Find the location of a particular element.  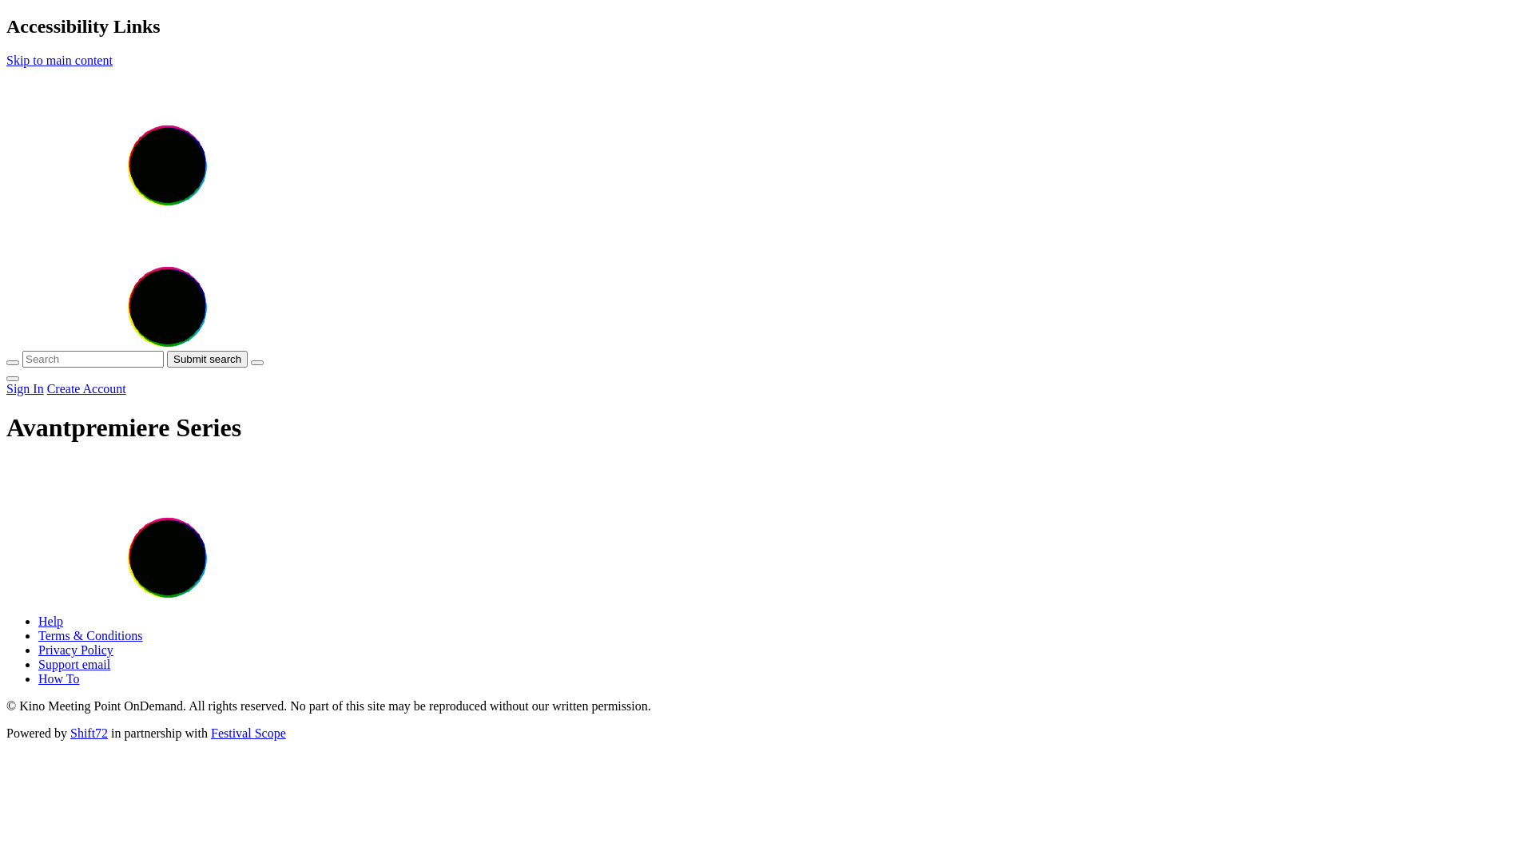

'Sign In' is located at coordinates (25, 388).